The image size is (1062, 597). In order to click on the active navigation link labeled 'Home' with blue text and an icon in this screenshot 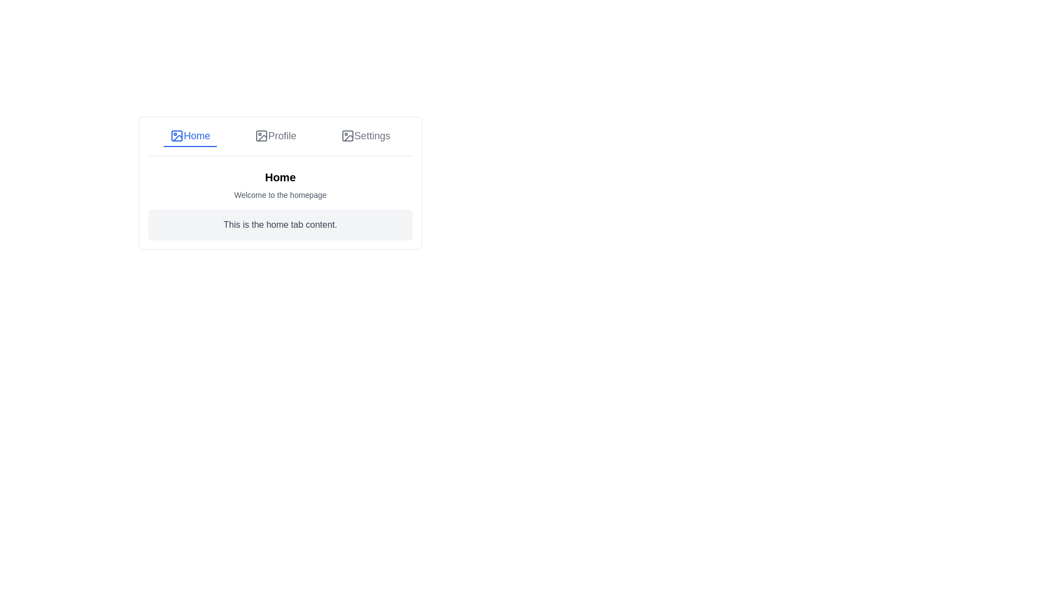, I will do `click(190, 135)`.